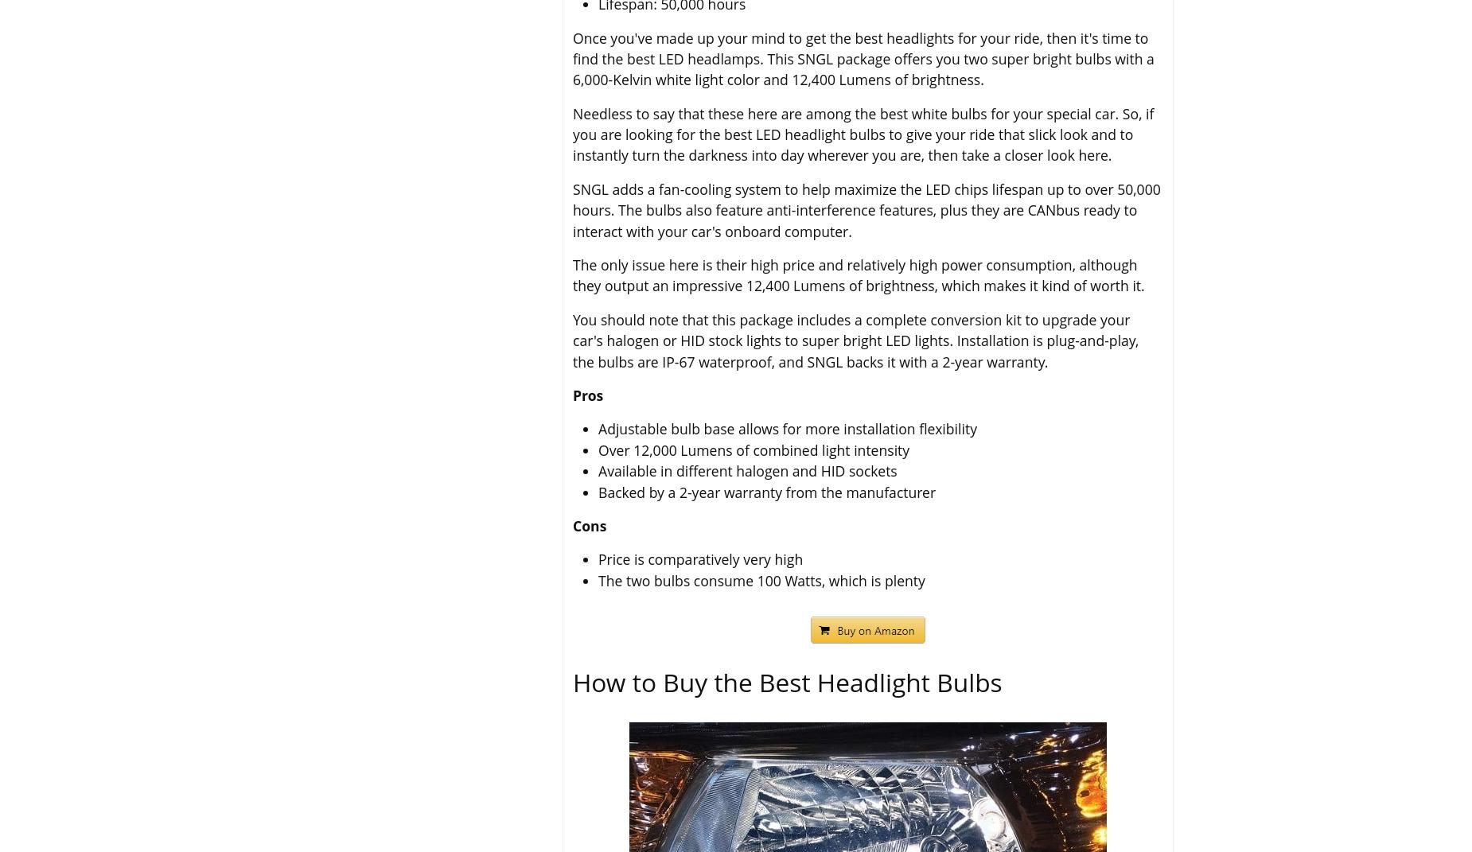 This screenshot has height=852, width=1472. Describe the element at coordinates (766, 490) in the screenshot. I see `'Backed by a 2-year warranty from the manufacturer'` at that location.